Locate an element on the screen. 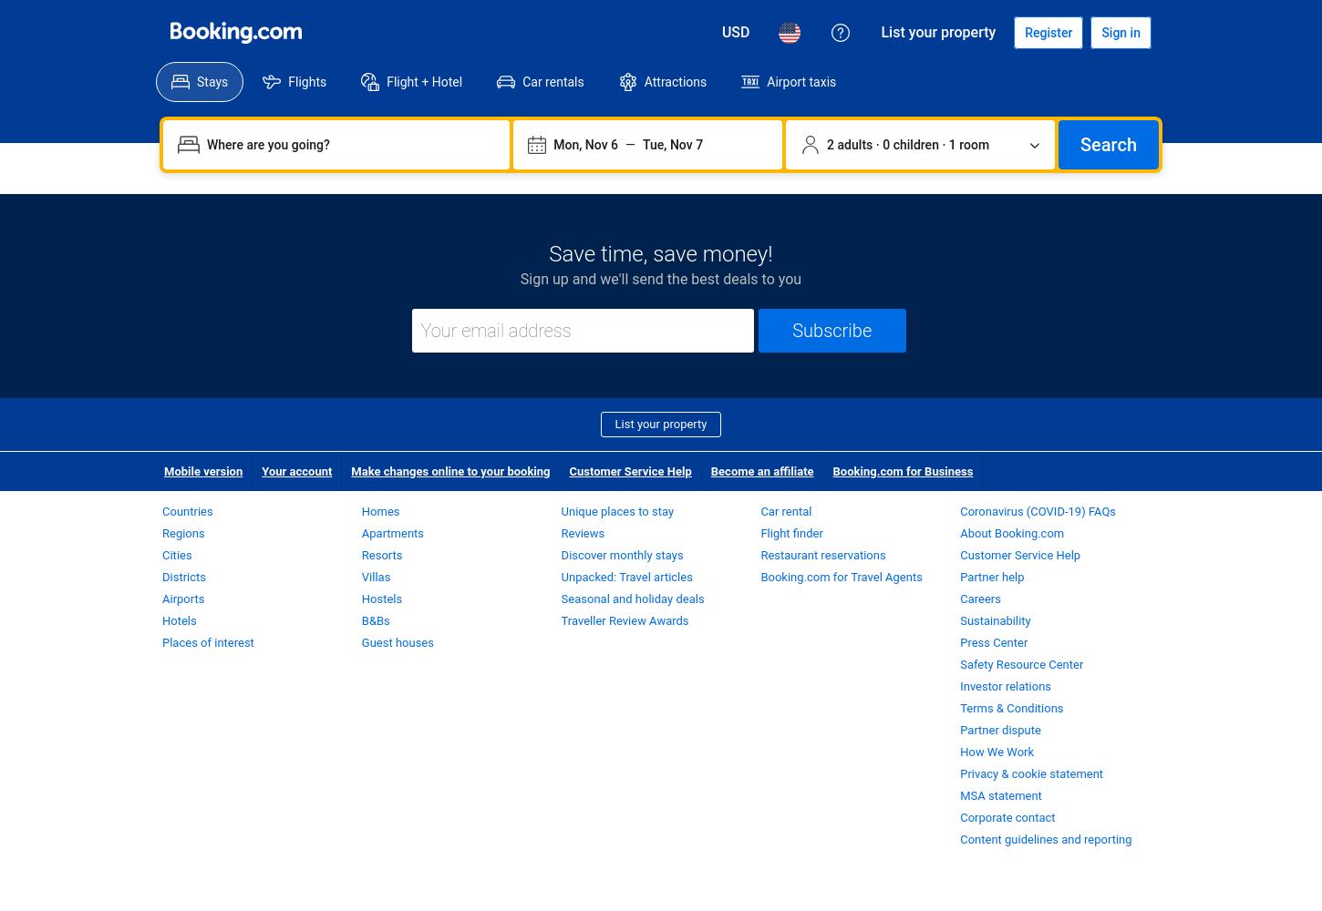  'Partner help' is located at coordinates (959, 577).